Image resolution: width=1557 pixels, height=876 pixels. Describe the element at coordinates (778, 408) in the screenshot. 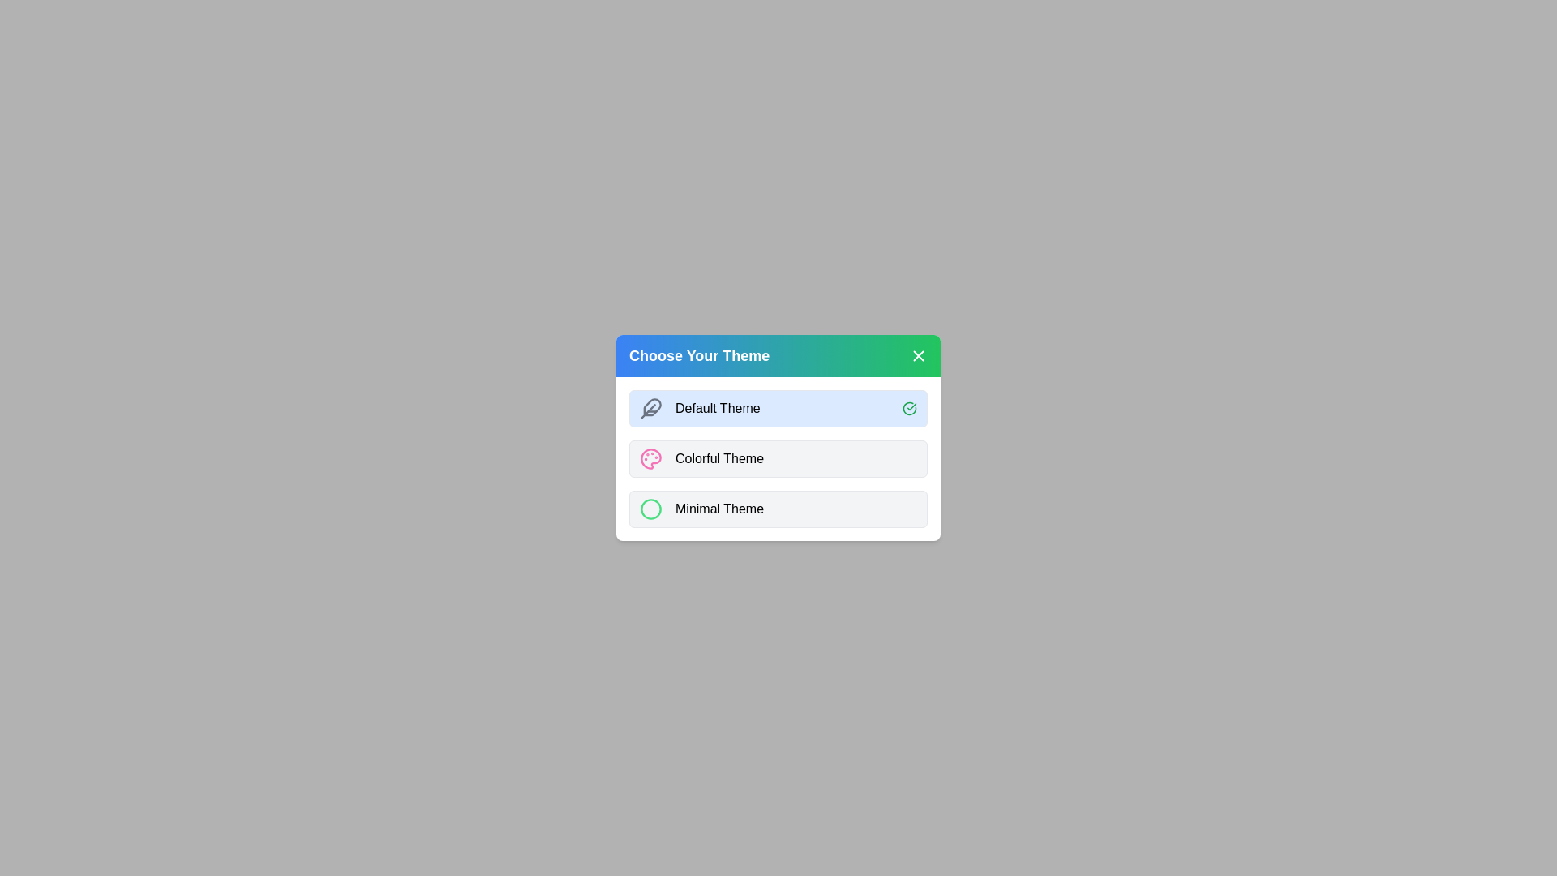

I see `the 'Default Theme' button to select it` at that location.